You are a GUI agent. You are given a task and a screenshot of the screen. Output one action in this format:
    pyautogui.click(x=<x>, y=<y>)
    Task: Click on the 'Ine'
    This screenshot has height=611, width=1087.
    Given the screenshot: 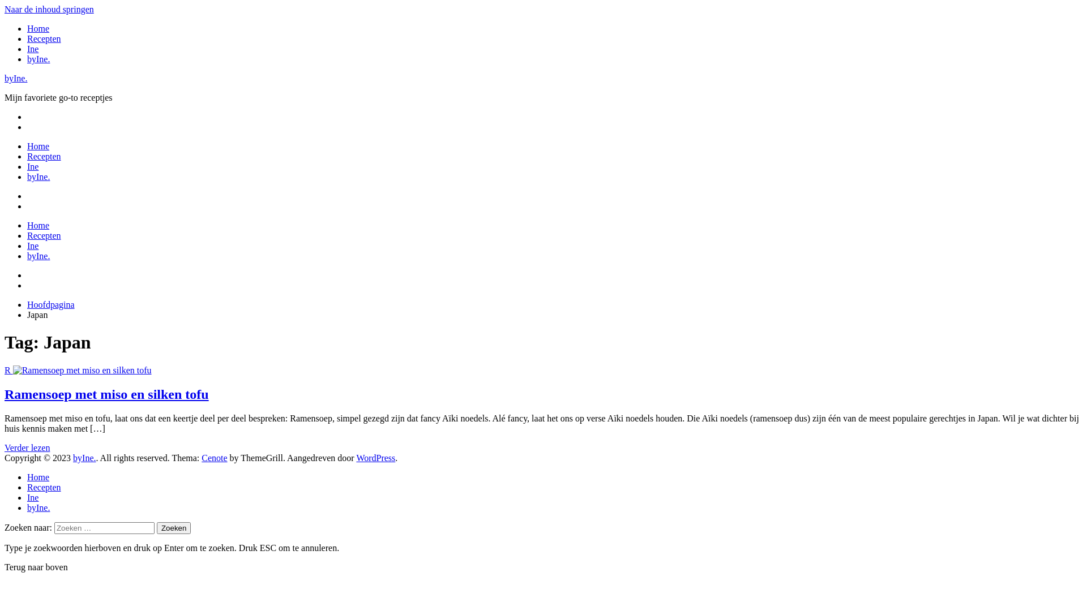 What is the action you would take?
    pyautogui.click(x=32, y=48)
    